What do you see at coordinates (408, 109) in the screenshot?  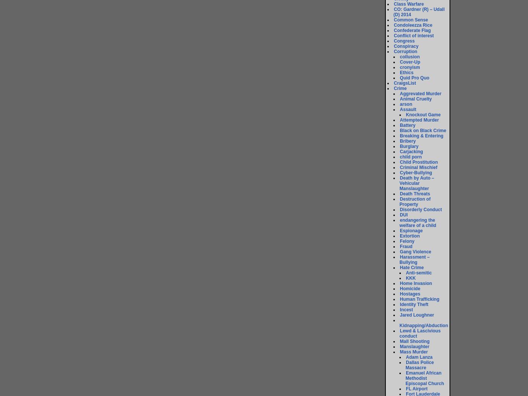 I see `'Assault'` at bounding box center [408, 109].